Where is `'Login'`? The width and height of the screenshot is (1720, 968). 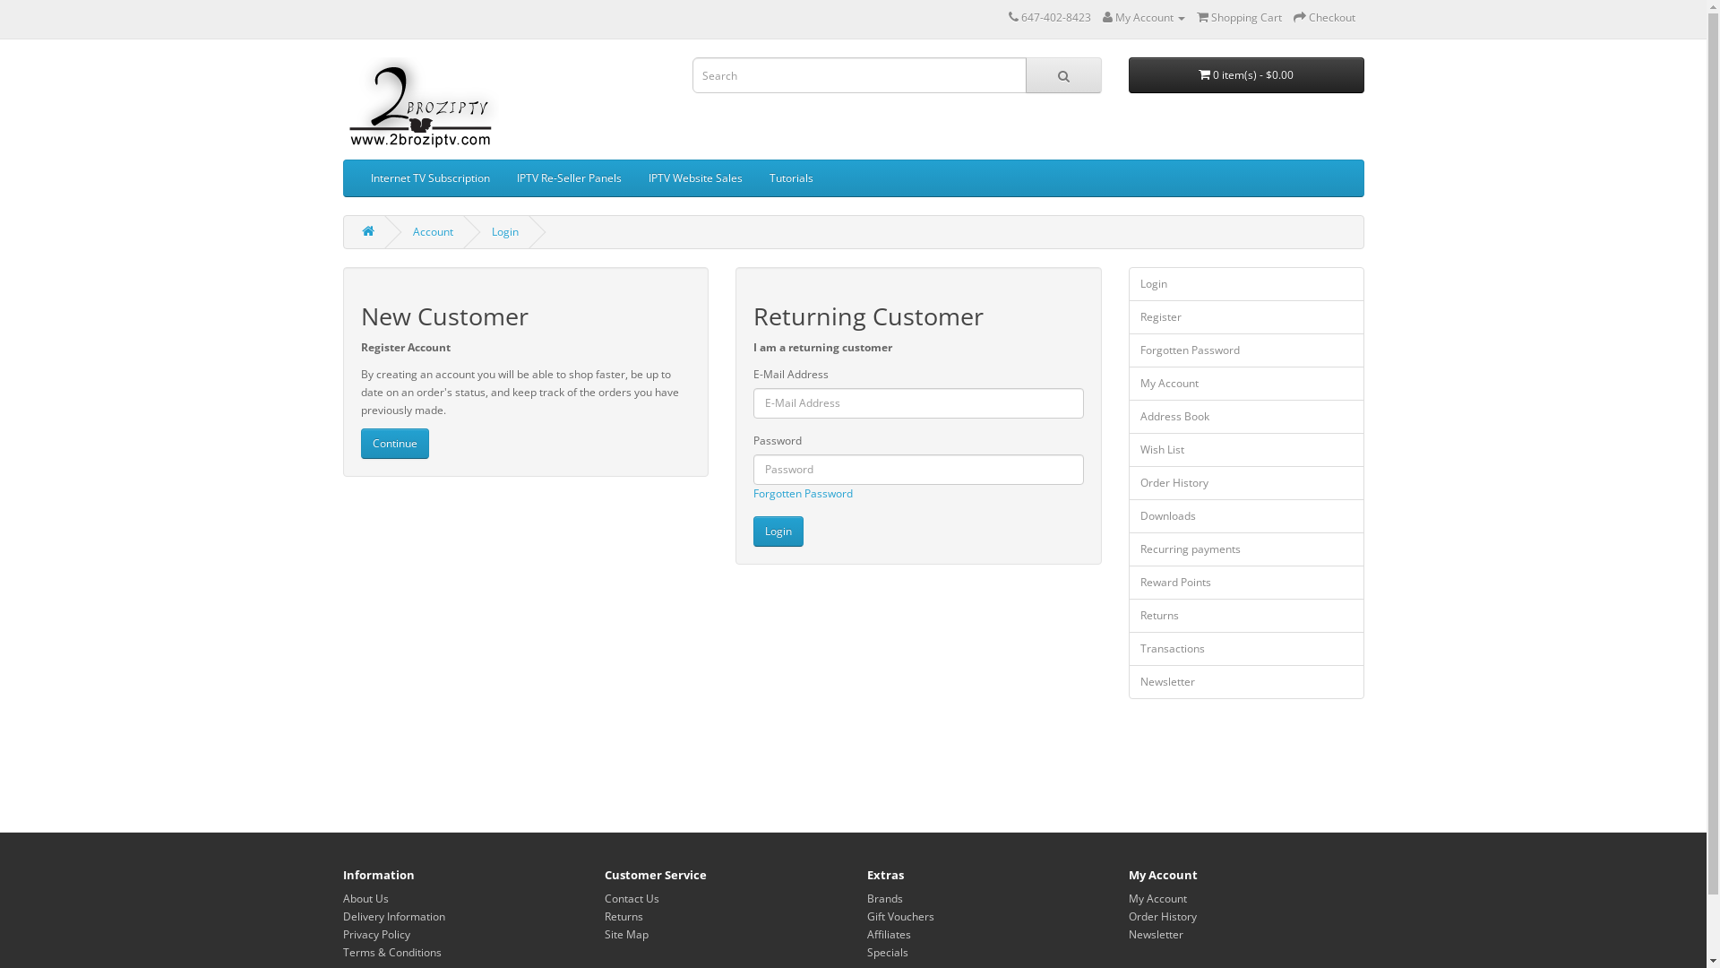
'Login' is located at coordinates (1245, 282).